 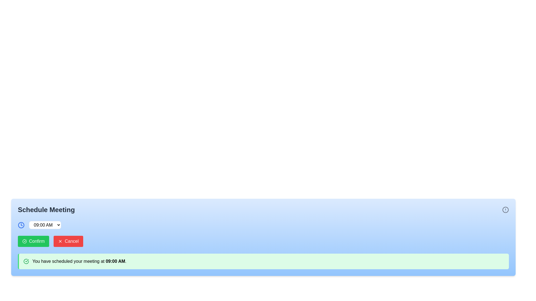 I want to click on the rectangular red 'Cancel' button with a white 'X' icon to its left, located next to the green 'Confirm' button, so click(x=68, y=241).